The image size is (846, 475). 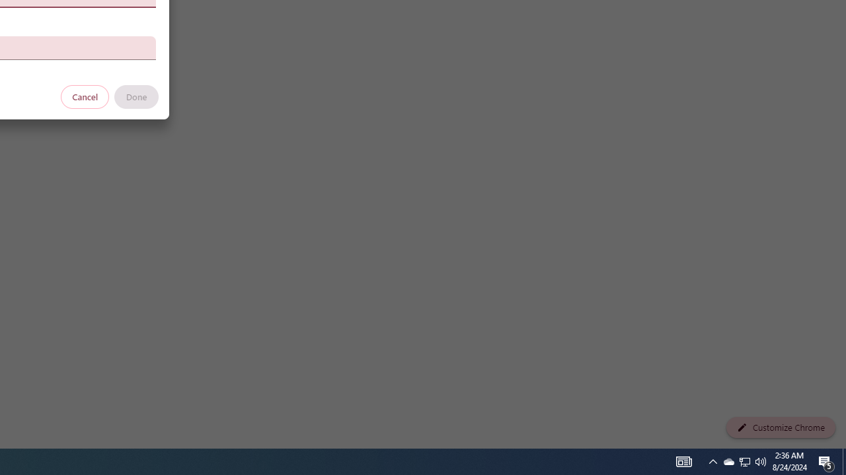 What do you see at coordinates (85, 96) in the screenshot?
I see `'Cancel'` at bounding box center [85, 96].